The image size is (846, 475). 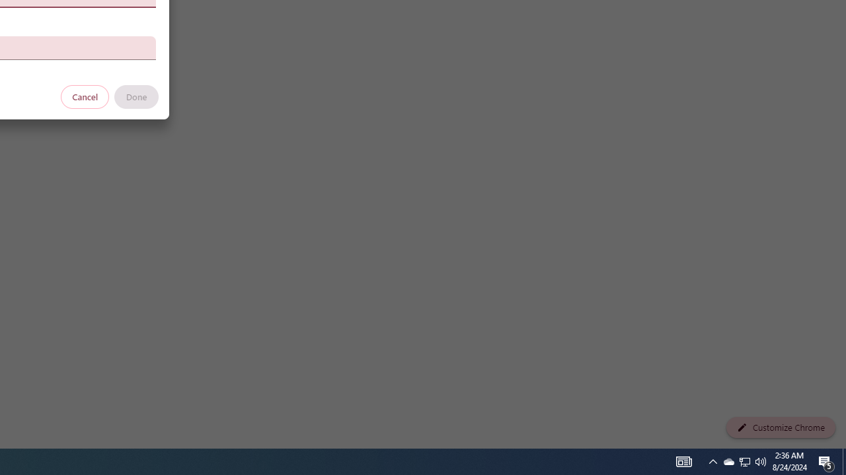 What do you see at coordinates (85, 96) in the screenshot?
I see `'Cancel'` at bounding box center [85, 96].